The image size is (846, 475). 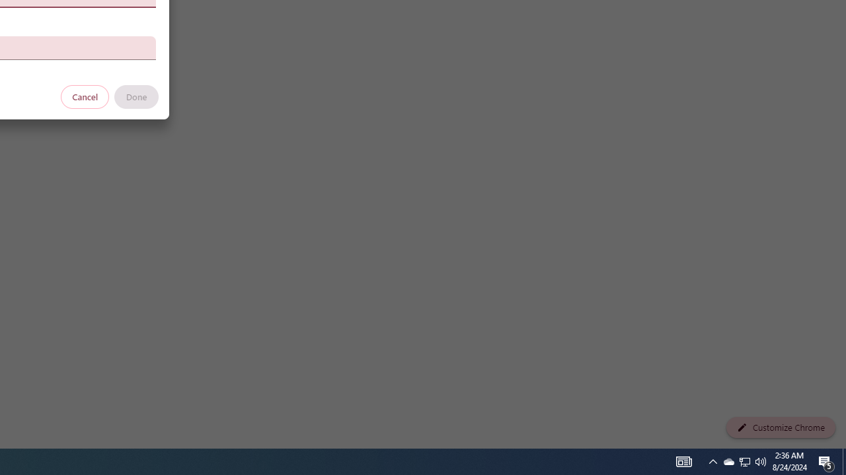 What do you see at coordinates (85, 96) in the screenshot?
I see `'Cancel'` at bounding box center [85, 96].